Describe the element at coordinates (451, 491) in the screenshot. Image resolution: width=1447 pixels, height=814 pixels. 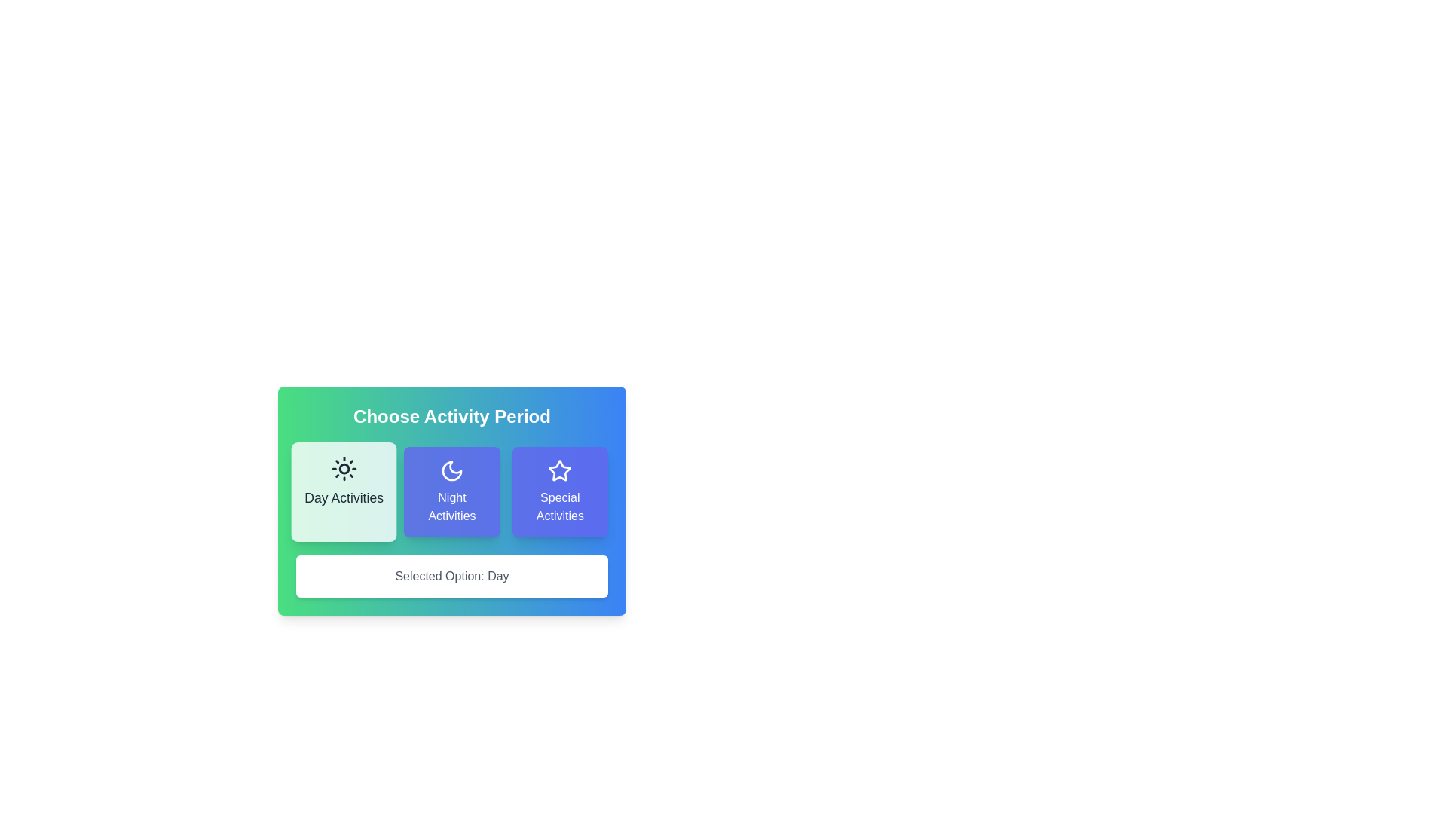
I see `the 'Night Activities' button, which is a rectangular button with rounded corners, blue background, white crescent moon icon, and white text` at that location.